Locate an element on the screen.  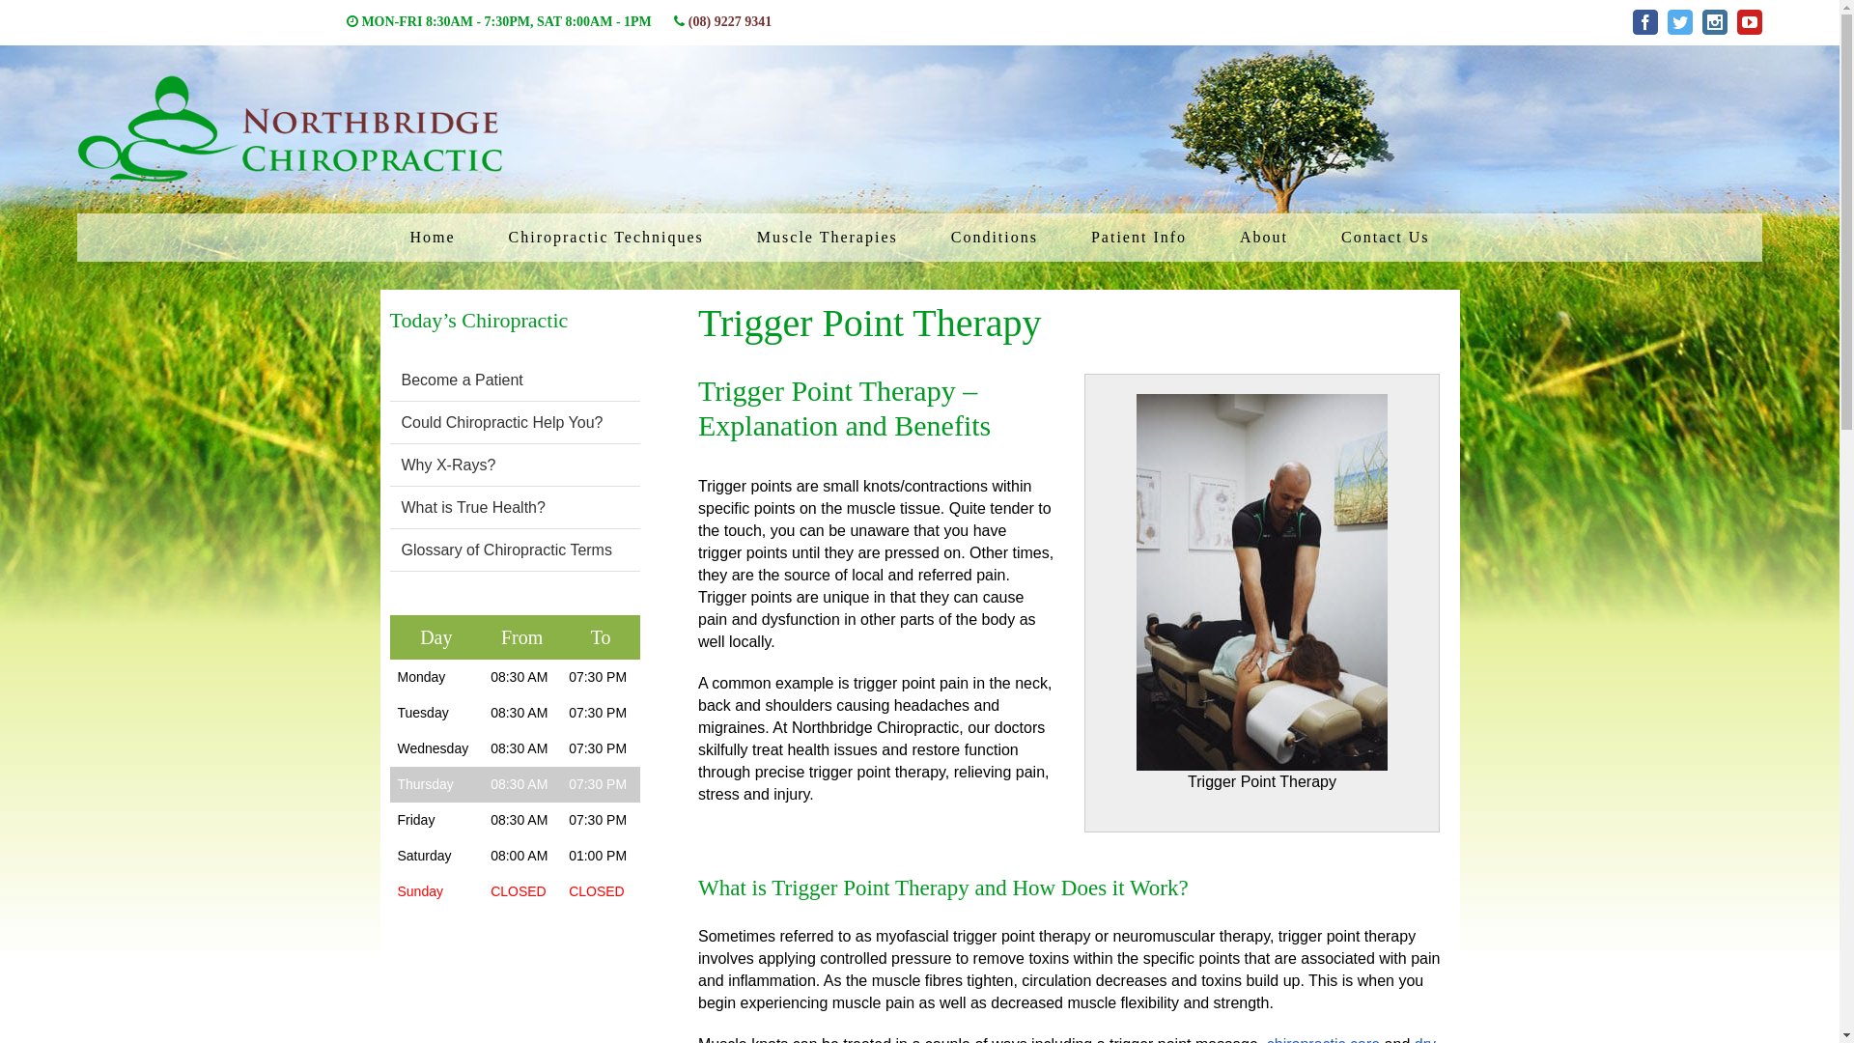
'Instagram' is located at coordinates (1715, 22).